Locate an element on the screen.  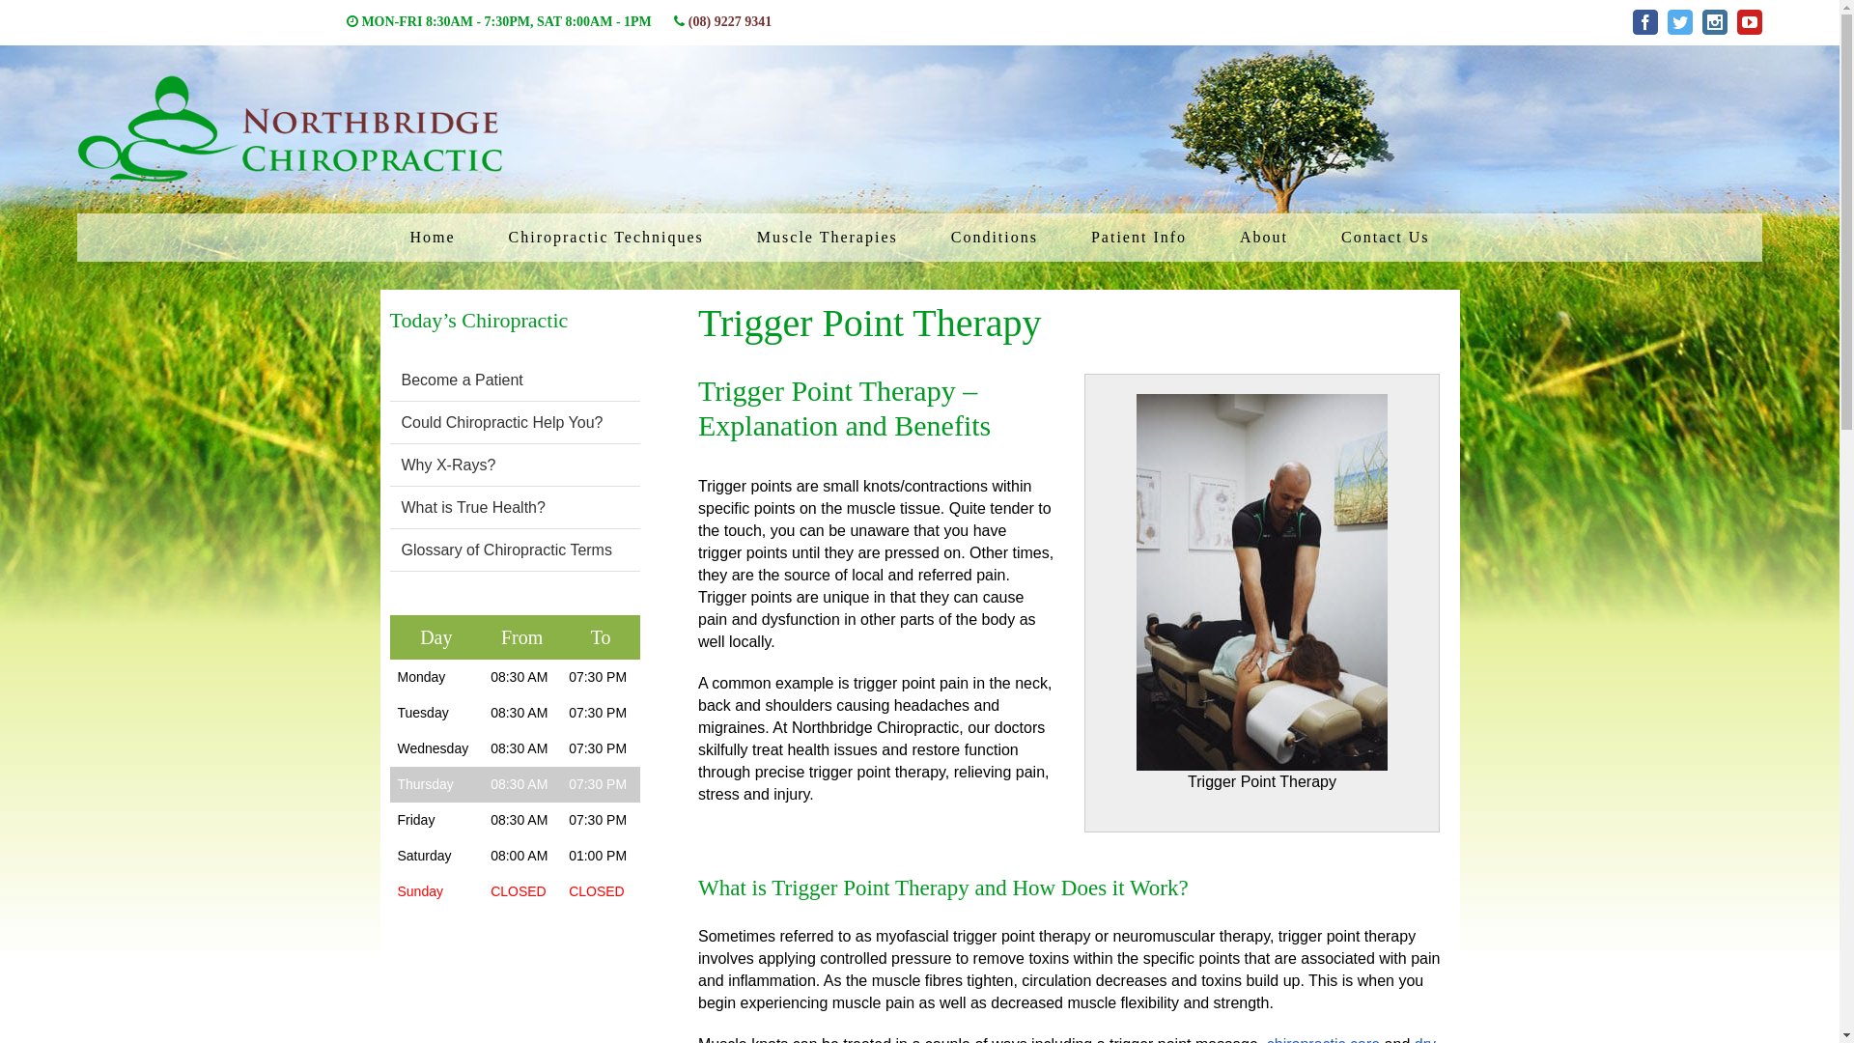
'Instagram' is located at coordinates (1715, 22).